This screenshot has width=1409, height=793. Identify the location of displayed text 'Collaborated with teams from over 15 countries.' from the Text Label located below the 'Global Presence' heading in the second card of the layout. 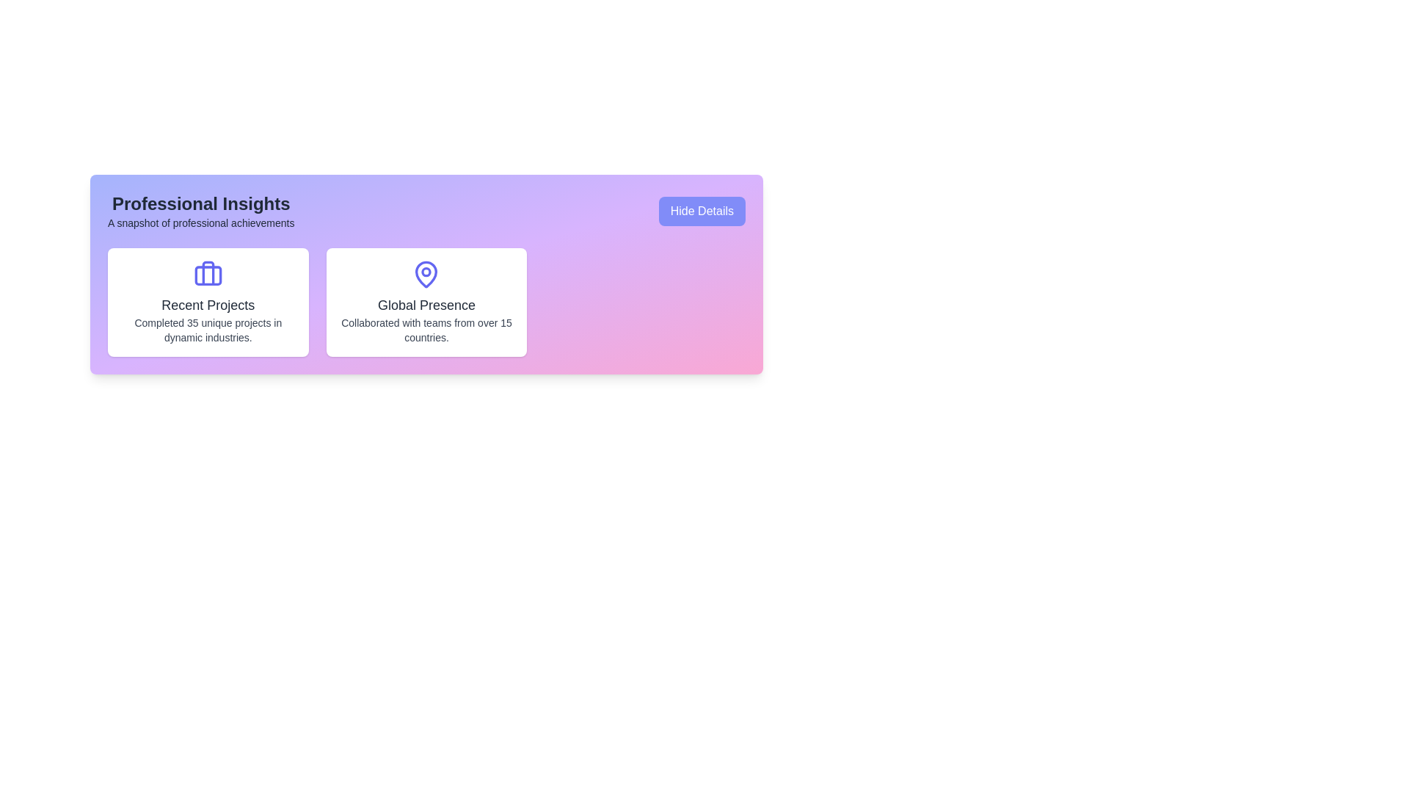
(426, 330).